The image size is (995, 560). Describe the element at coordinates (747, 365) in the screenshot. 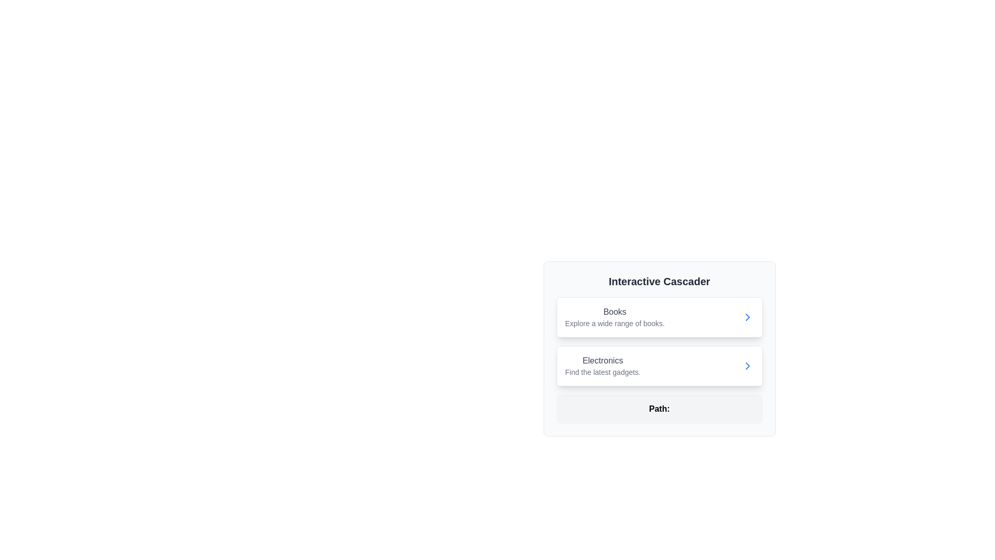

I see `the submenu indicator icon located on the right side of the 'Electronics' item in the cascader interface` at that location.